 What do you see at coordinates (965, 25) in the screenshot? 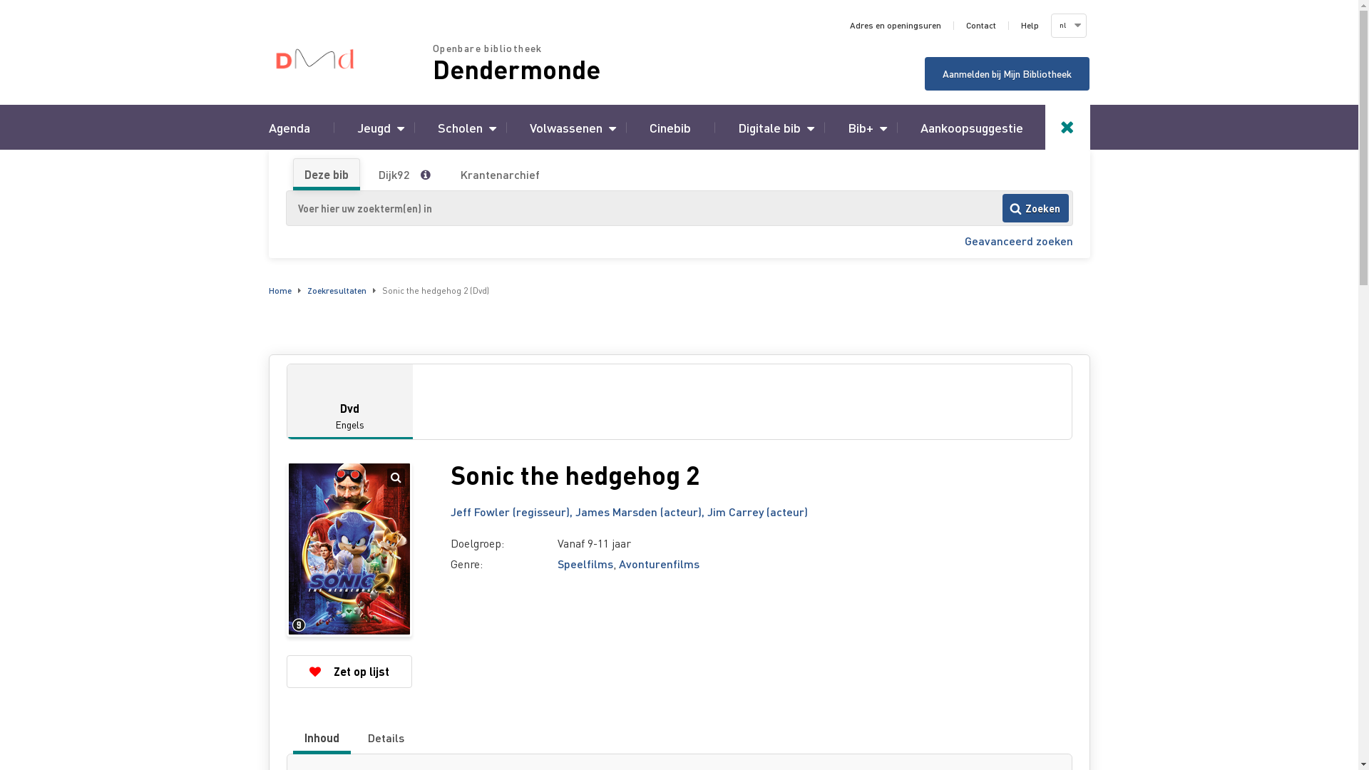
I see `'Contact'` at bounding box center [965, 25].